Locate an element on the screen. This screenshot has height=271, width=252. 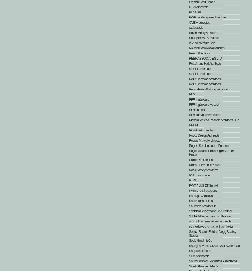
'Rojkind Arquitectos' is located at coordinates (200, 159).